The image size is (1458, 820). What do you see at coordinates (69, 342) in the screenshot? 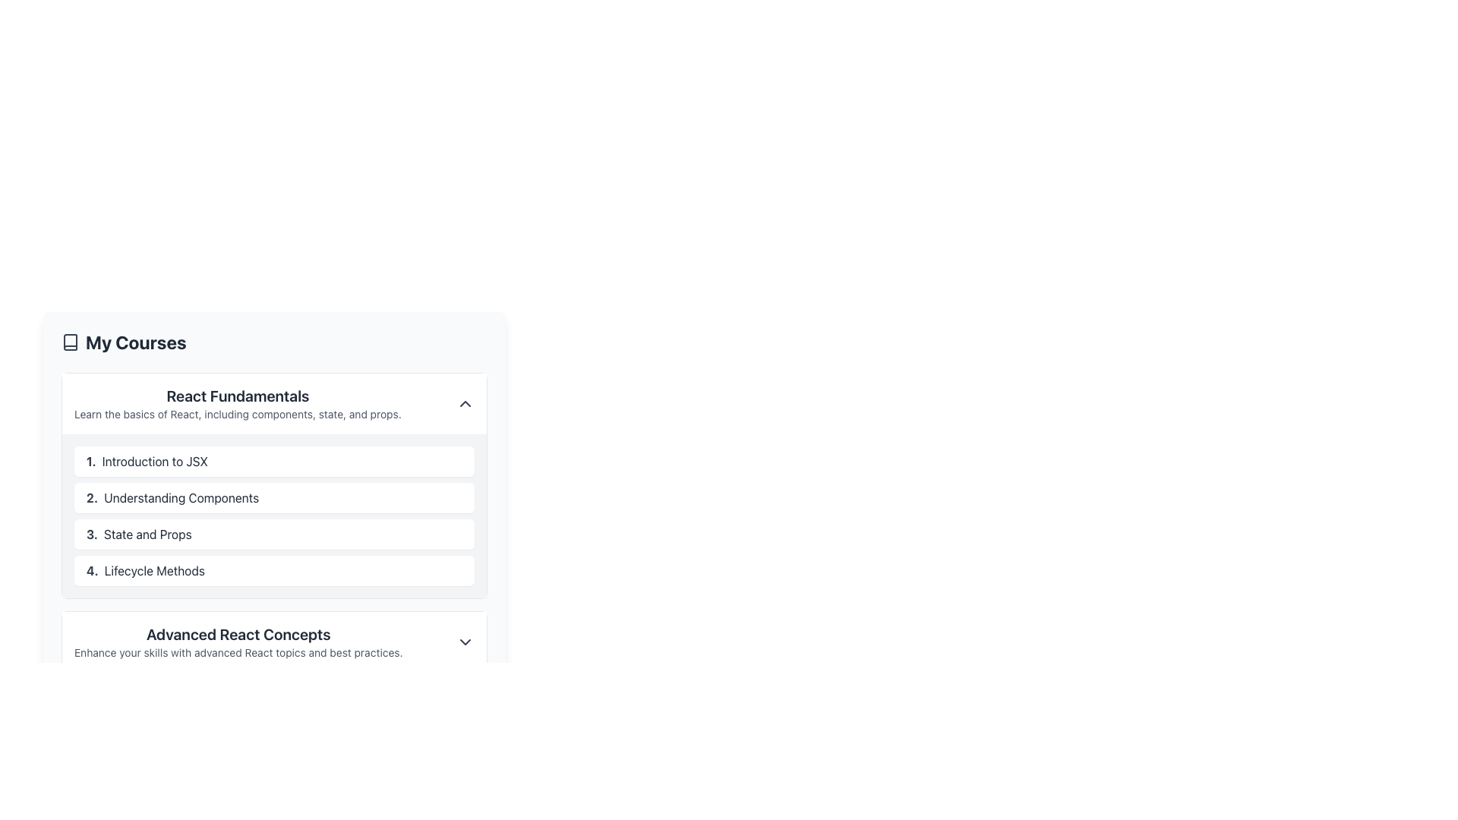
I see `the small gray book icon located next to the 'My Courses' text heading` at bounding box center [69, 342].